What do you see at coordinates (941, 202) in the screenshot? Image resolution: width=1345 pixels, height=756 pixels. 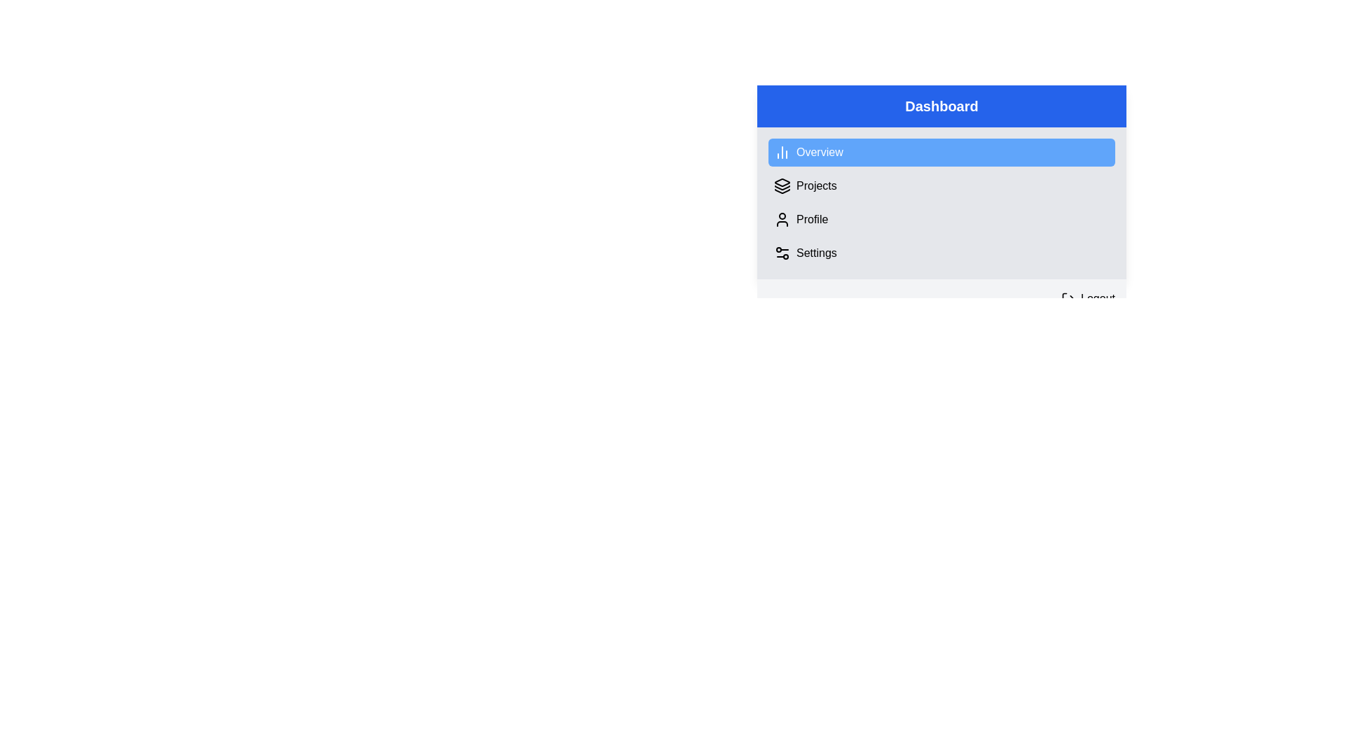 I see `the 'Projects' item in the vertical navigation menu located in the middle-right of the application beneath the 'Dashboard' title` at bounding box center [941, 202].